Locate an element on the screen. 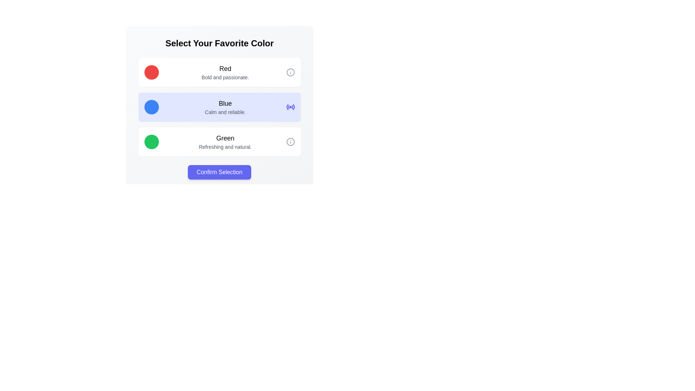 This screenshot has height=391, width=695. the small circular icon representing 'info' or 'details' located to the far right of the row containing the label 'Red' and the text 'Bold and passionate' is located at coordinates (290, 72).